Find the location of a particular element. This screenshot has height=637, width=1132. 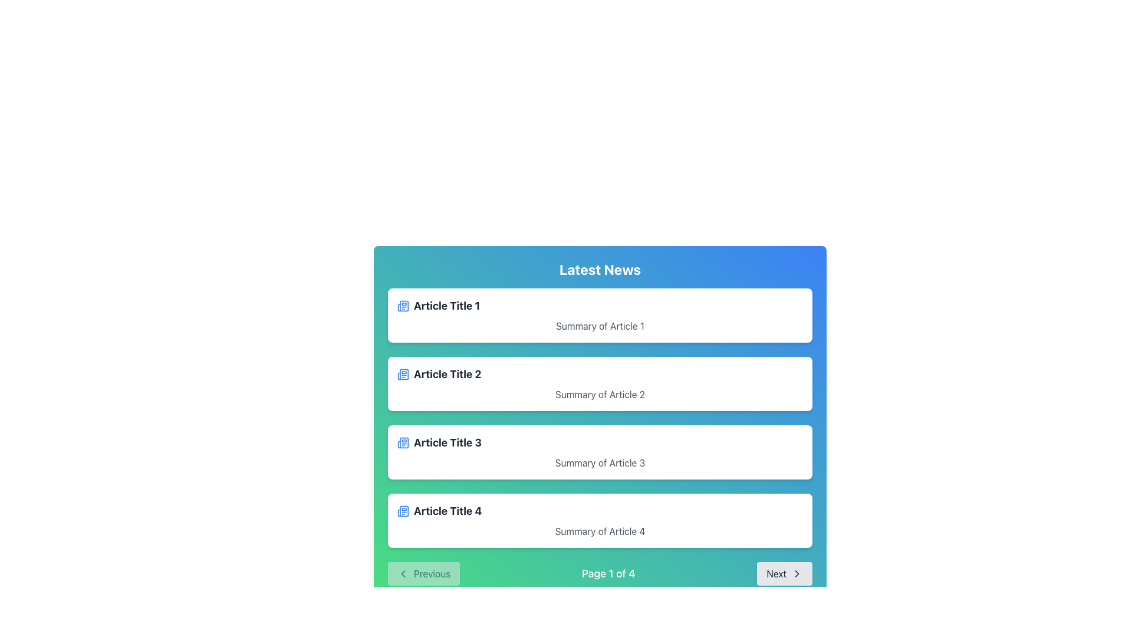

the newspaper icon located to the left of 'Article Title 4' to interact with its associated article feature is located at coordinates (403, 511).